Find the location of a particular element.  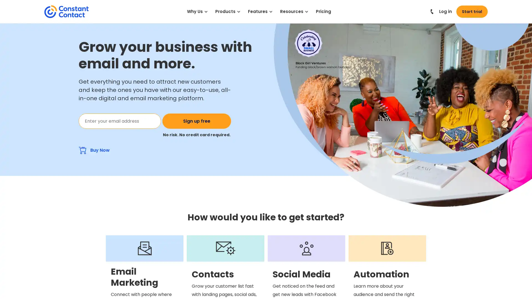

Sign up free is located at coordinates (197, 121).